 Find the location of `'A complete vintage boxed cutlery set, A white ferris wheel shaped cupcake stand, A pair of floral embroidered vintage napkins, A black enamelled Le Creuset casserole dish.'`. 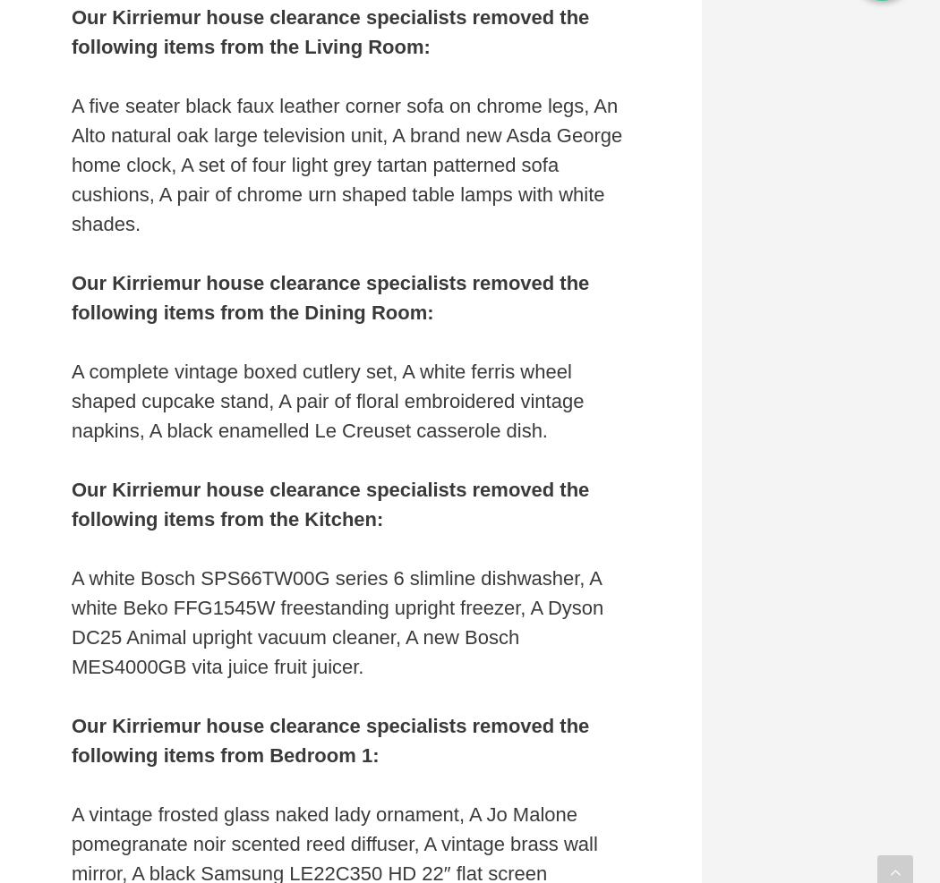

'A complete vintage boxed cutlery set, A white ferris wheel shaped cupcake stand, A pair of floral embroidered vintage napkins, A black enamelled Le Creuset casserole dish.' is located at coordinates (72, 399).